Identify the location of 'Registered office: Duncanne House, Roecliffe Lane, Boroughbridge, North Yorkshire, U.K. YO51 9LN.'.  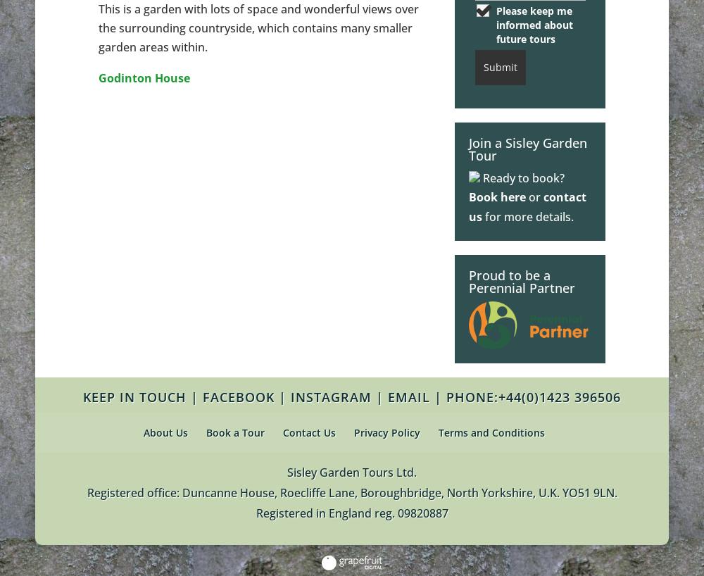
(351, 492).